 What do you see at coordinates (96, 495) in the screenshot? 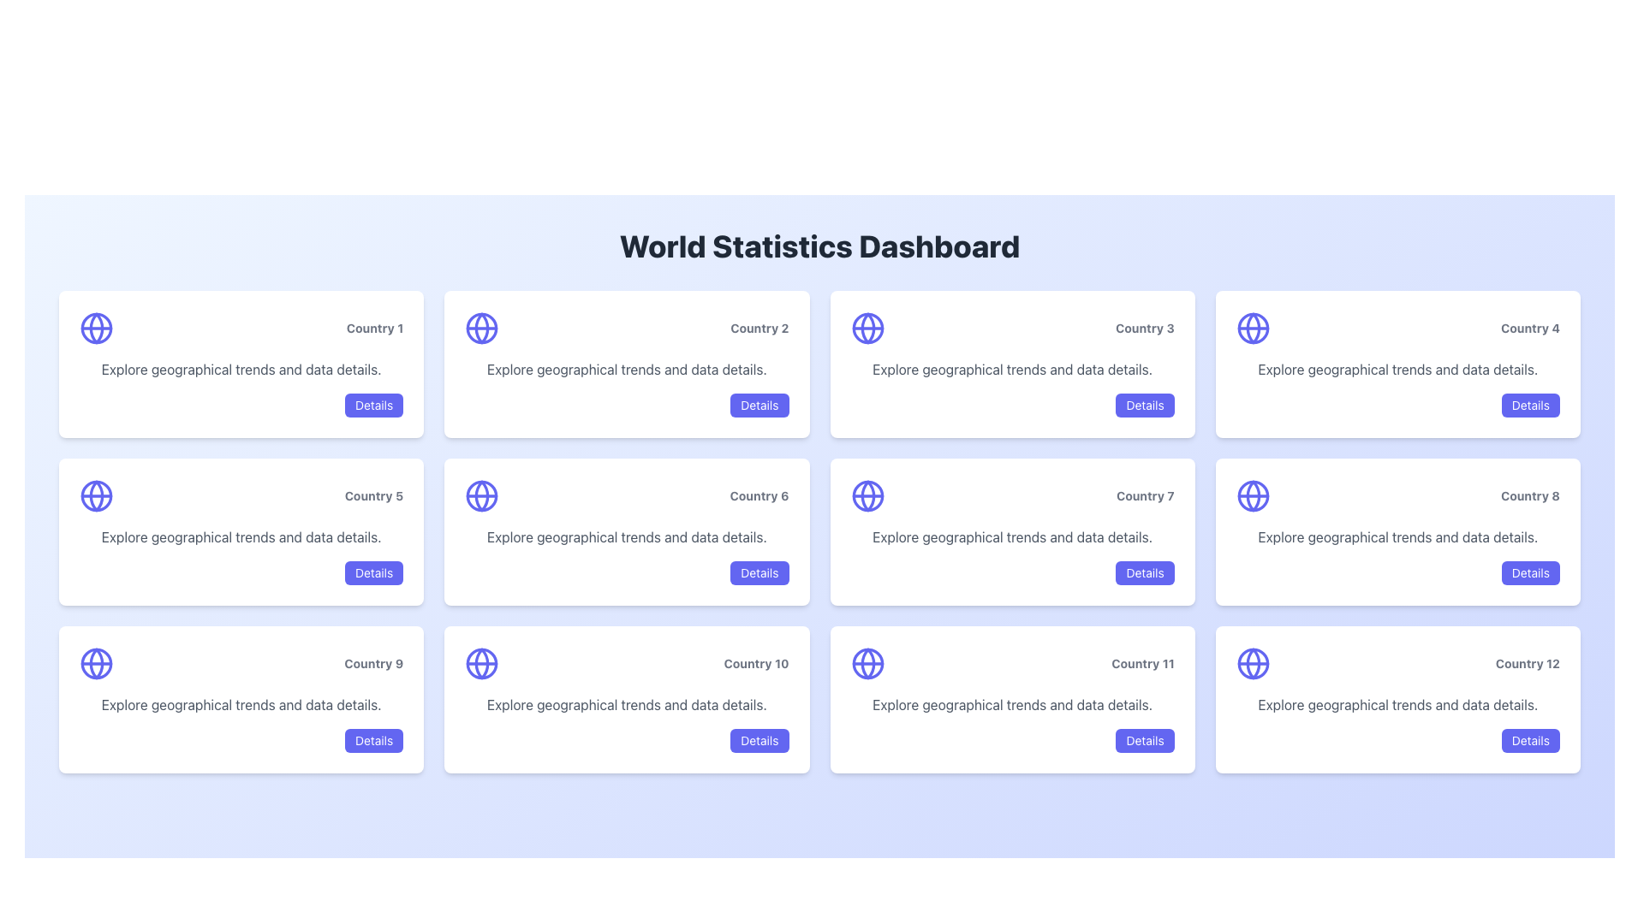
I see `the circular globe icon` at bounding box center [96, 495].